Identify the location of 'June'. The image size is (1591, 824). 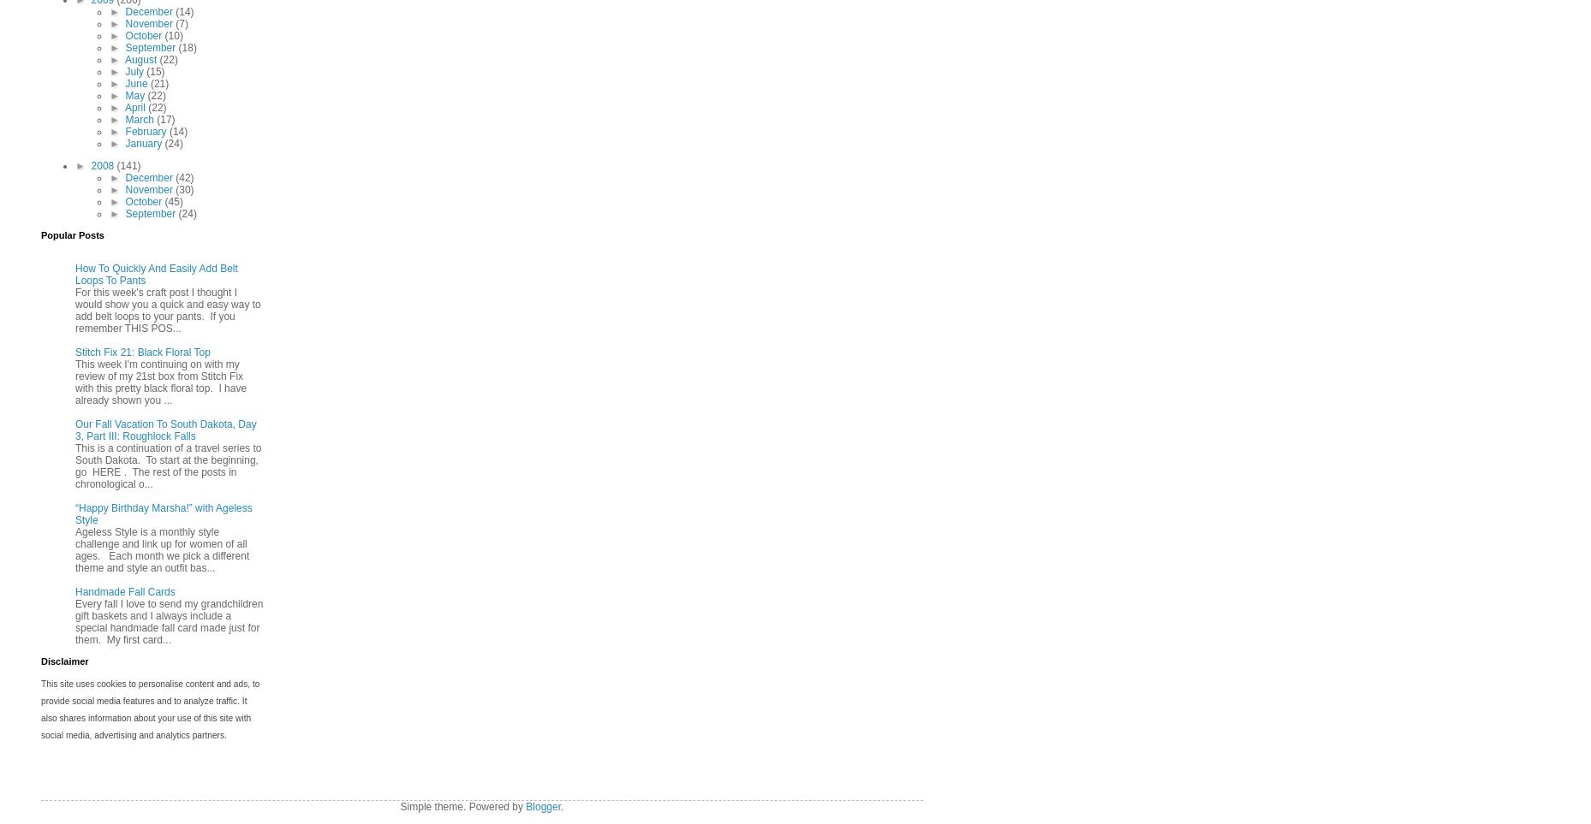
(125, 83).